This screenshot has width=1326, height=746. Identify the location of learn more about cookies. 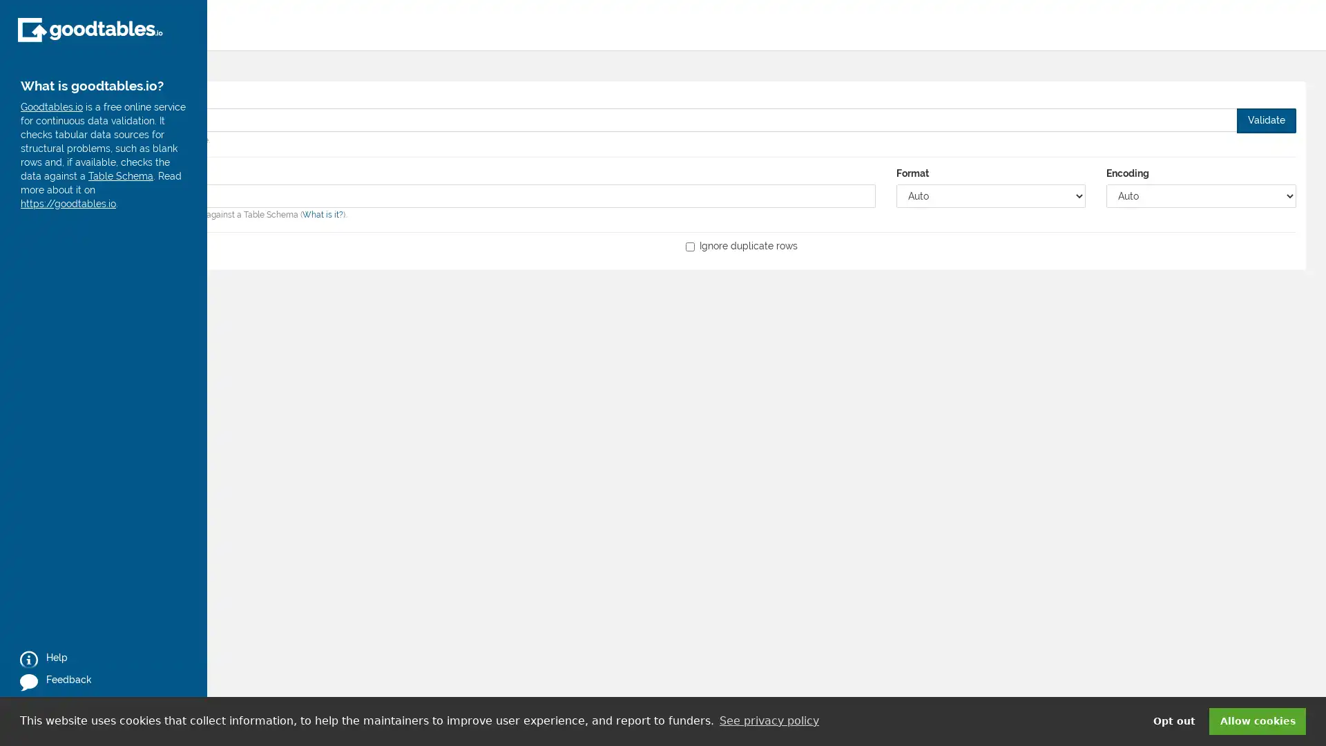
(768, 720).